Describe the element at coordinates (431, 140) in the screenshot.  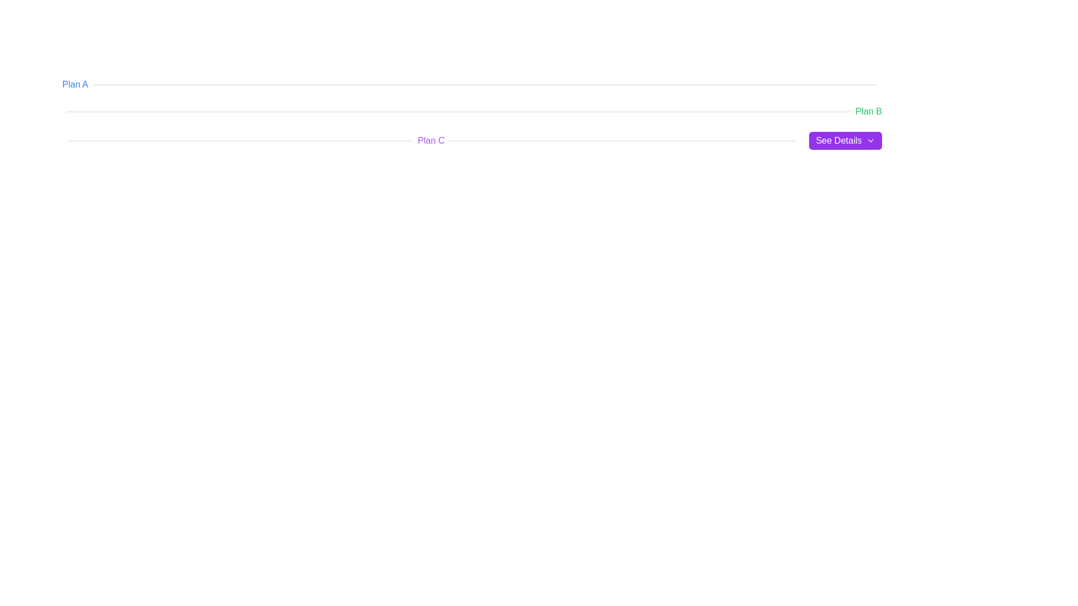
I see `the text label reading 'Plan C' which is styled with a purple font color and bold text weight, positioned between two horizontal lines and to the left of the 'See Details' button` at that location.